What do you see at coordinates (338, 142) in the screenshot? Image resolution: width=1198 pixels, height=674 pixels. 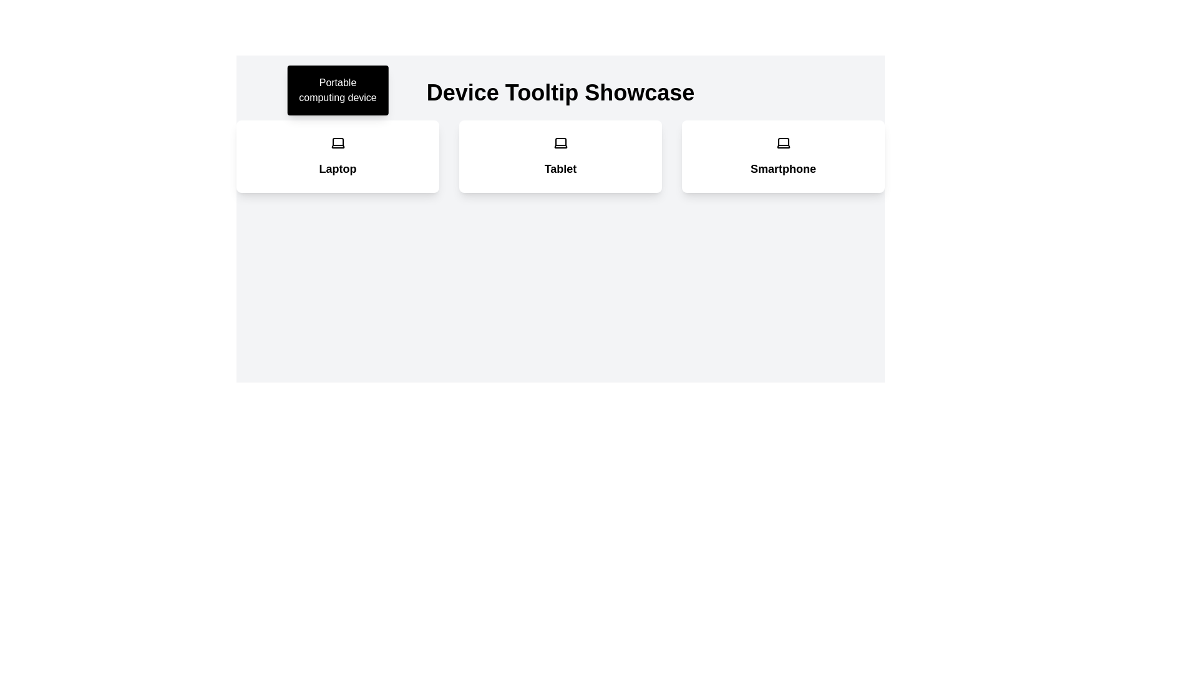 I see `the laptop icon, which is centrally aligned in the first card of a horizontal row representing the 'Laptop' category` at bounding box center [338, 142].